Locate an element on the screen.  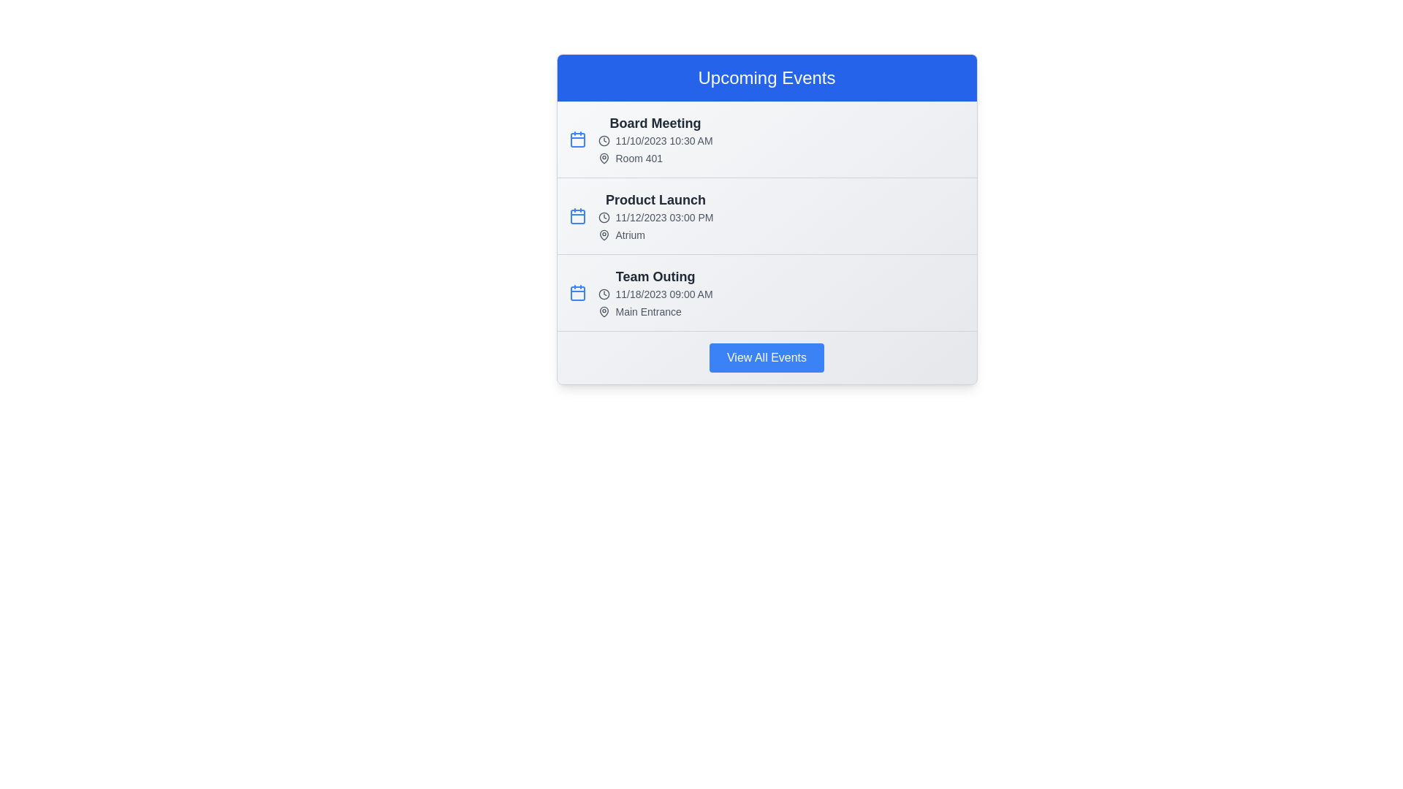
the second entry in the 'Upcoming Events' list, which displays an event's name, date, time, and location, located between 'Board Meeting' and 'Team Outing' is located at coordinates (655, 216).